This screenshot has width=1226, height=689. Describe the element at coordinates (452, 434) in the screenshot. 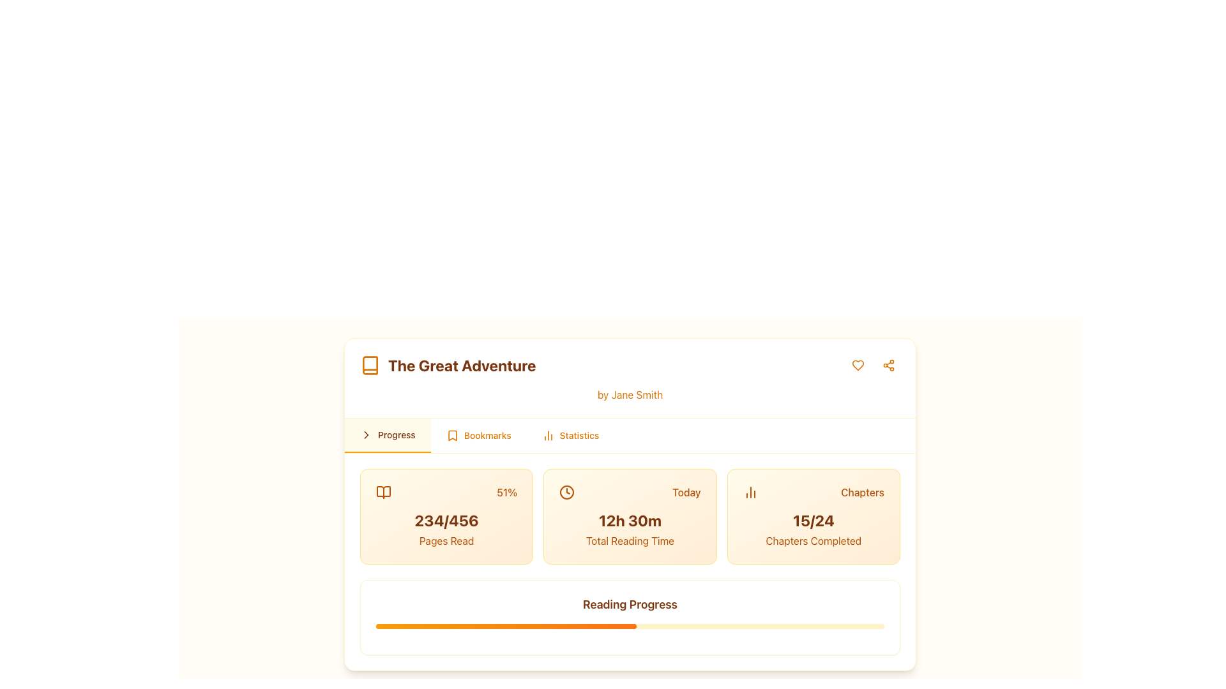

I see `the orange line-drawn bookmark icon located to the left of the 'Bookmarks' text in the navigation bar` at that location.